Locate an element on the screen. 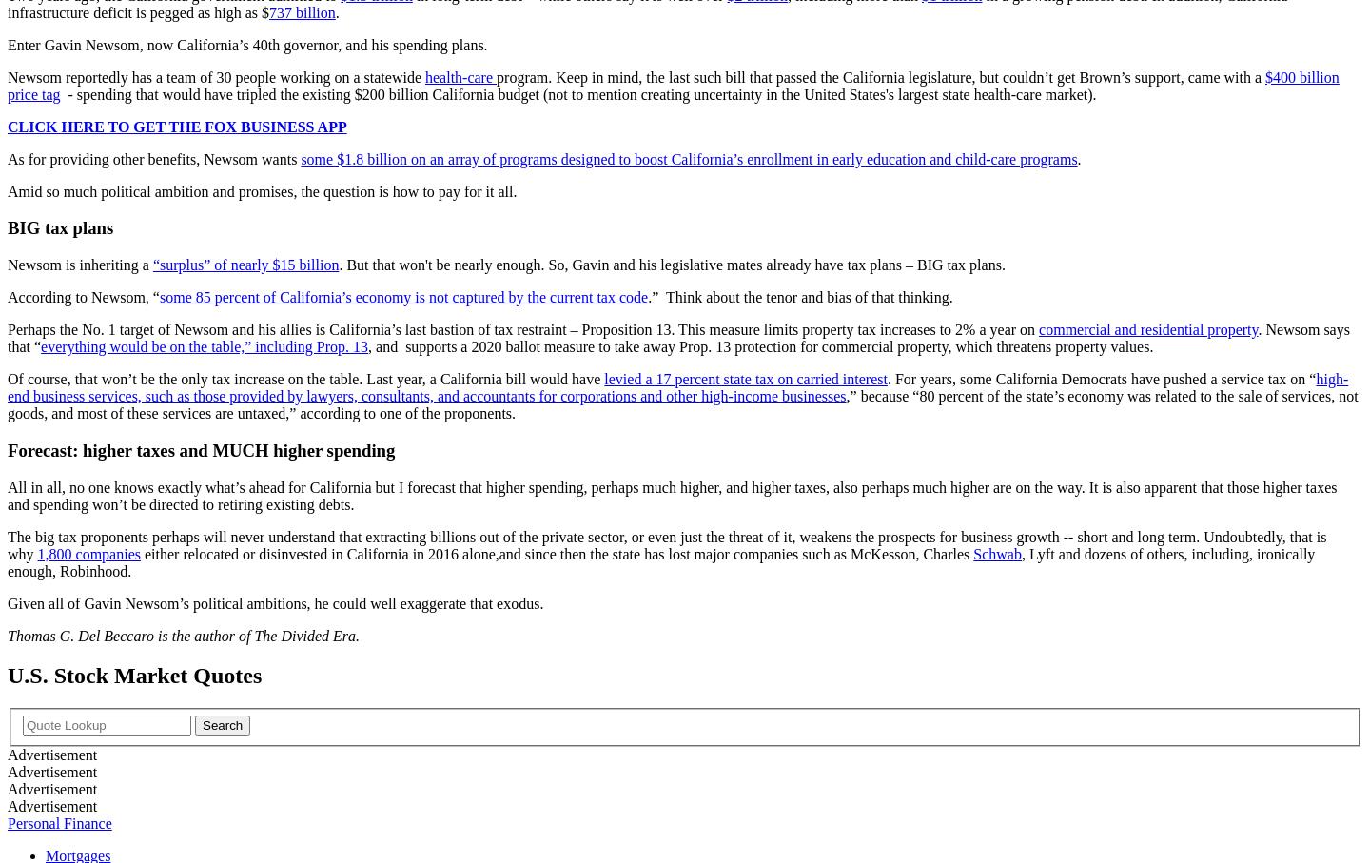  'All in all, no one knows exactly what’s ahead for California but I forecast that higher spending, perhaps much higher, and higher taxes, also perhaps much higher are on the way. It is also apparent that those higher taxes and spending won’t be directed to retiring existing debts.' is located at coordinates (7, 494).